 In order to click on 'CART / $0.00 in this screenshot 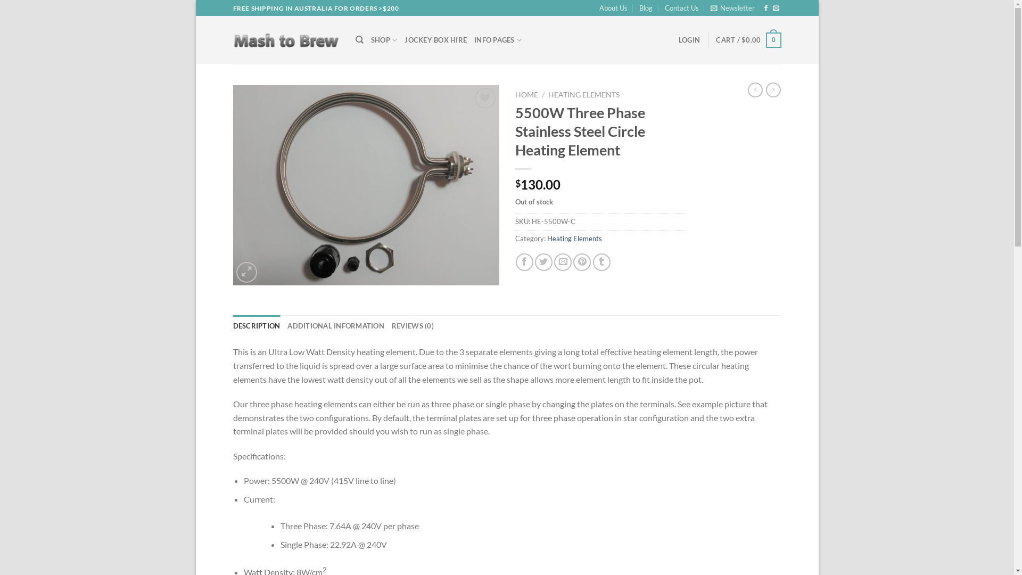, I will do `click(715, 40)`.